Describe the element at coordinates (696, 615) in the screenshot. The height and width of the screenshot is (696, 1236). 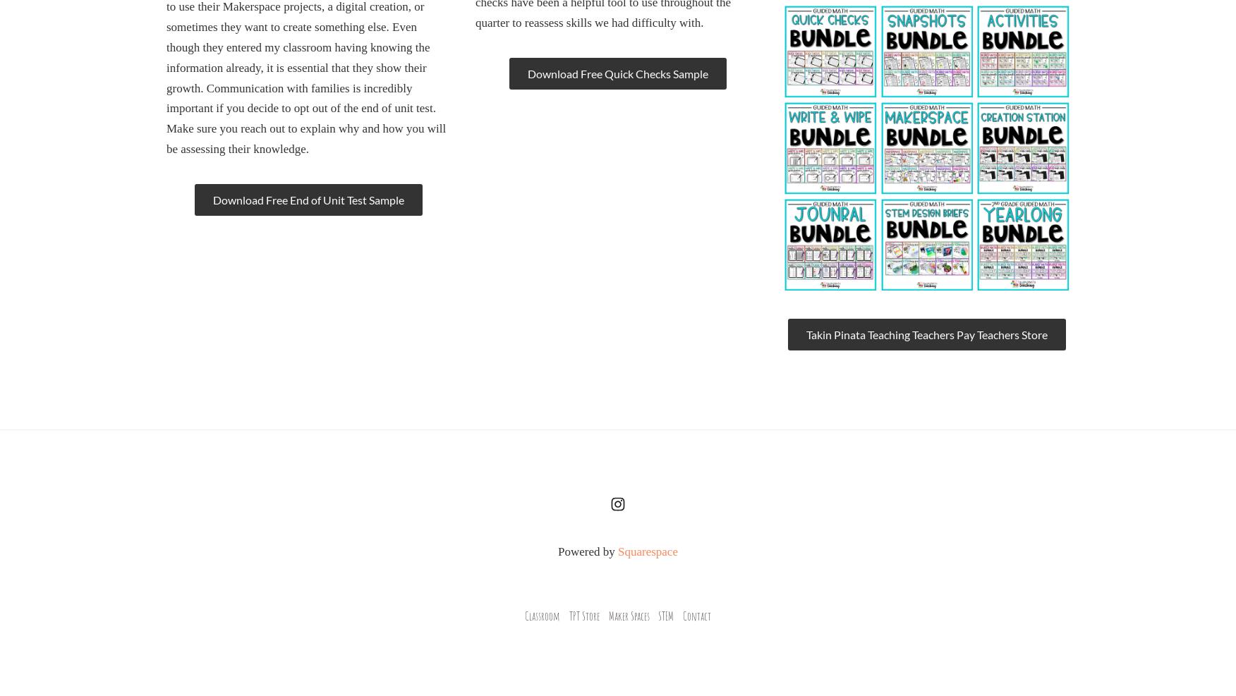
I see `'Contact'` at that location.